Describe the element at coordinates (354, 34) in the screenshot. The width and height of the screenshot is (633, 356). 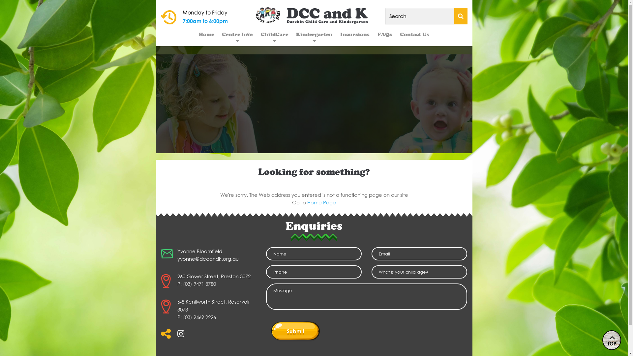
I see `'Incursions'` at that location.